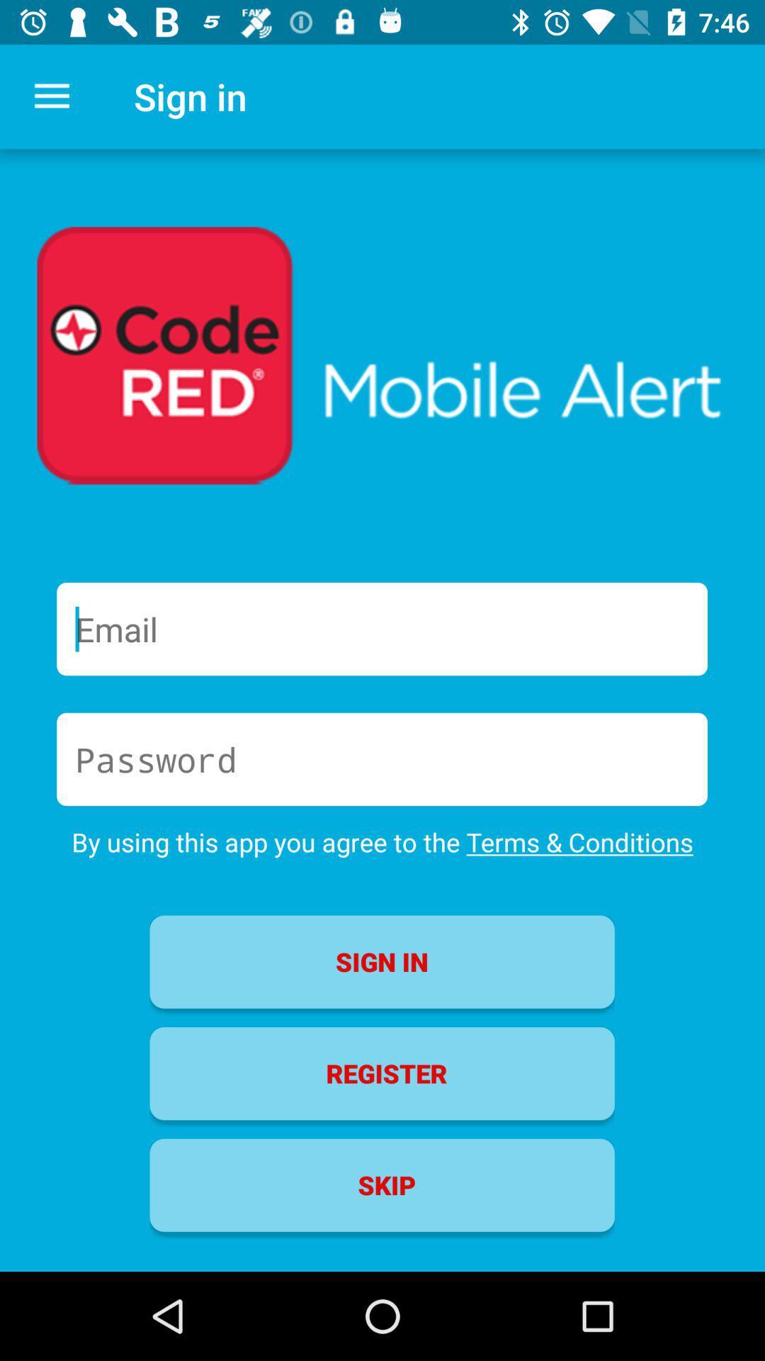 This screenshot has height=1361, width=765. Describe the element at coordinates (51, 96) in the screenshot. I see `the icon next to the sign in icon` at that location.